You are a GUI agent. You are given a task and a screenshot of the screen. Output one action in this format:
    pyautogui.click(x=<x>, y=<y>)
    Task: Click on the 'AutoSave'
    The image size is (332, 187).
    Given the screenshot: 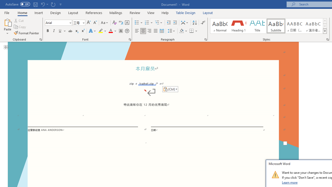 What is the action you would take?
    pyautogui.click(x=18, y=4)
    